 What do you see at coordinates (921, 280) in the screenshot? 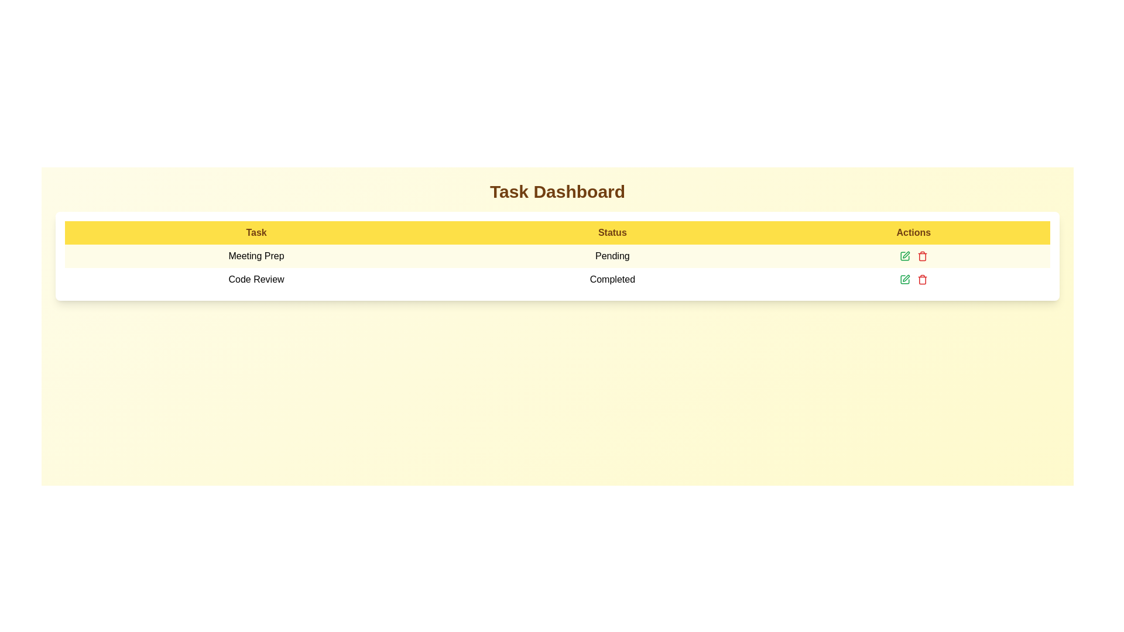
I see `the delete action button located in the 'Actions' column of the second row of the task table for the 'Code Review' task` at bounding box center [921, 280].